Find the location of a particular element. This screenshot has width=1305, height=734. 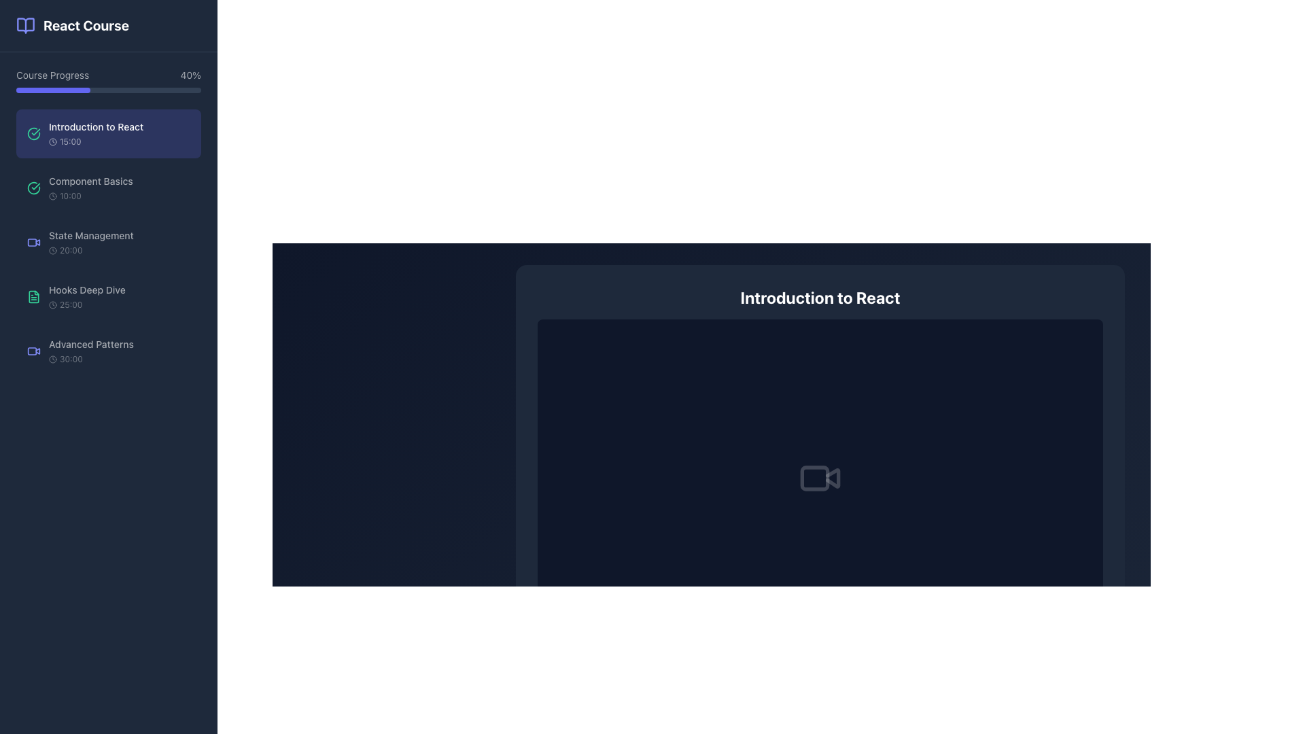

the interactive list item labeled 'Component Basics' is located at coordinates (107, 188).